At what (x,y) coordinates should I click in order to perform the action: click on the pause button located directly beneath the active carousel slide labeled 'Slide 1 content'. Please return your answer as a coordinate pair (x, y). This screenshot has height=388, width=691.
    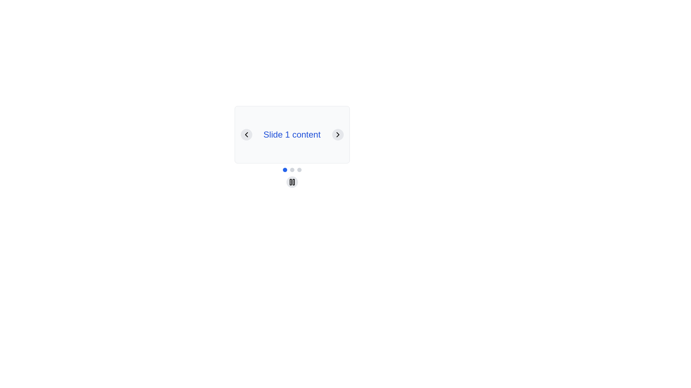
    Looking at the image, I should click on (292, 181).